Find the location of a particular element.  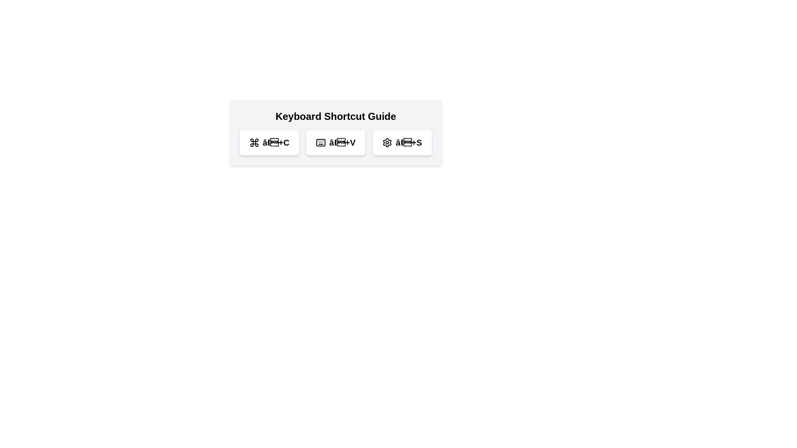

the second button in the horizontal arrangement below the 'Keyboard Shortcut Guide' title is located at coordinates (336, 132).